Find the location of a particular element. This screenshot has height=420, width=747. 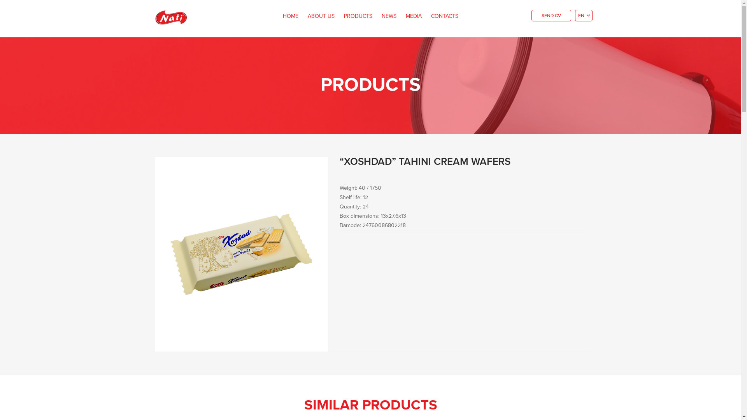

'HOME' is located at coordinates (279, 16).